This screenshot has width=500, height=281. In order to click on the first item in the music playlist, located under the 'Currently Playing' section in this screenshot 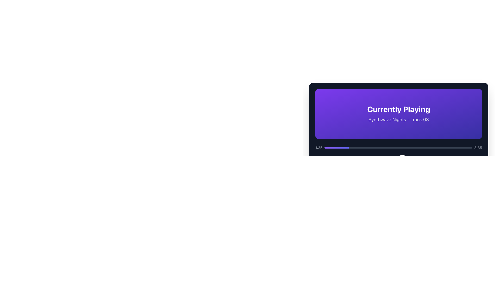, I will do `click(398, 206)`.